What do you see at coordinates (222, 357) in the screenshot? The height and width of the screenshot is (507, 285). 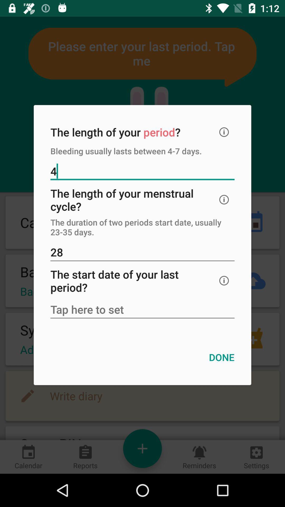 I see `item at the bottom right corner` at bounding box center [222, 357].